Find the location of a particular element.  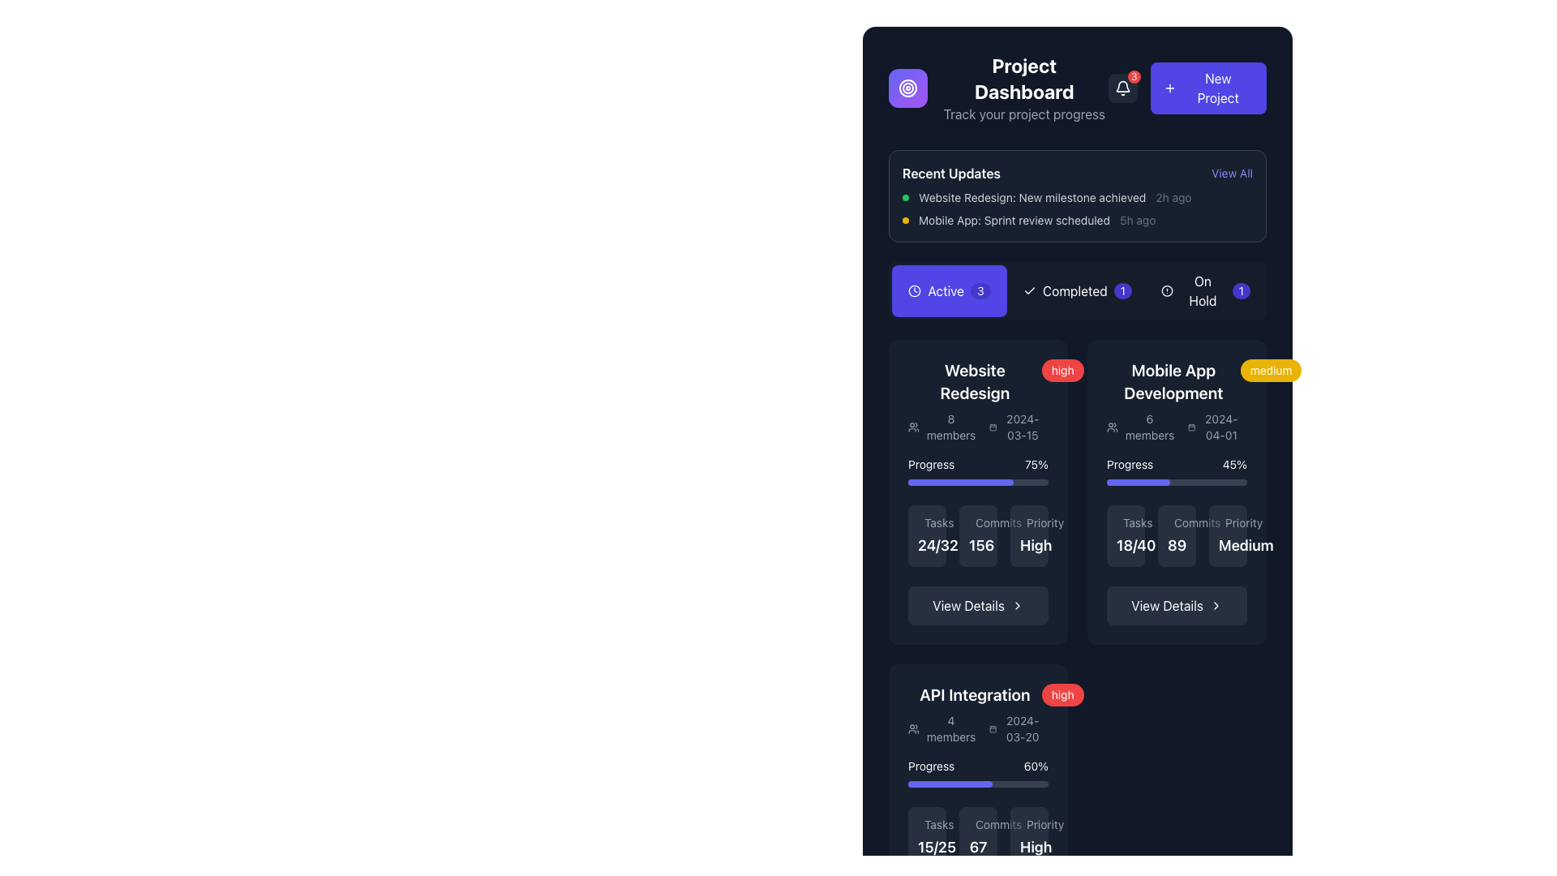

the 'Completed1' button with a checkmark icon is located at coordinates (1078, 290).